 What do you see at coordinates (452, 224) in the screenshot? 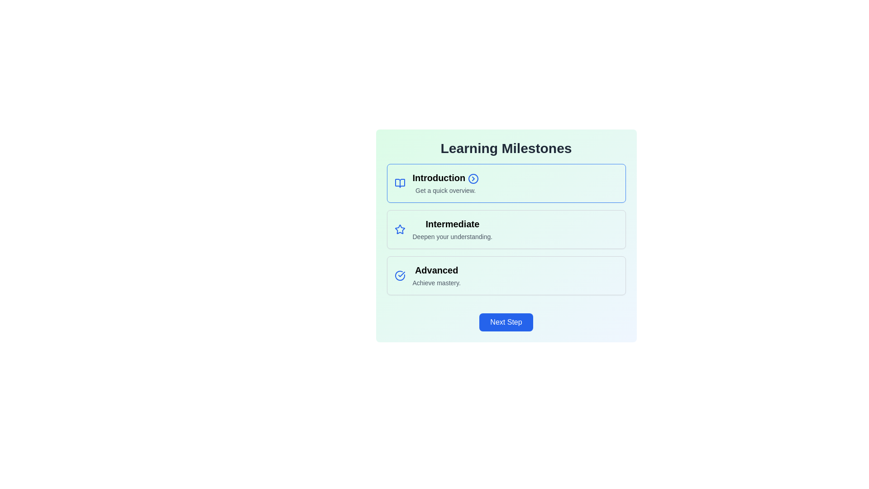
I see `the bold text label displaying 'Intermediate', which is the second headline in the 'Learning Milestones' list, positioned between 'Introduction' and 'Advanced'` at bounding box center [452, 224].